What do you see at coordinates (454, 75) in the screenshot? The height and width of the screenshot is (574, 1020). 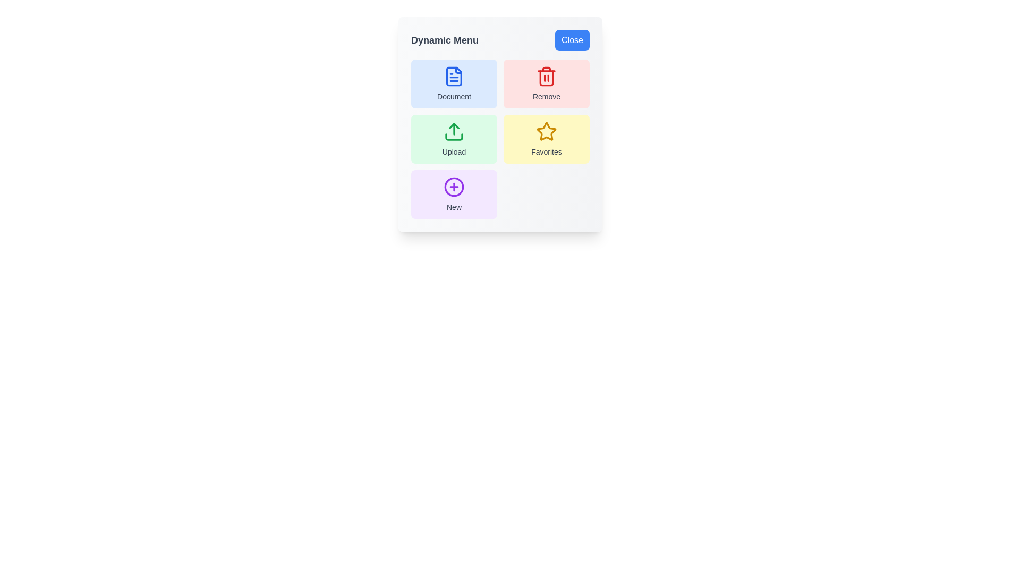 I see `the blue-colored icon resembling a document or file representation located in the upper-left quadrant of the dynamic menu interface` at bounding box center [454, 75].